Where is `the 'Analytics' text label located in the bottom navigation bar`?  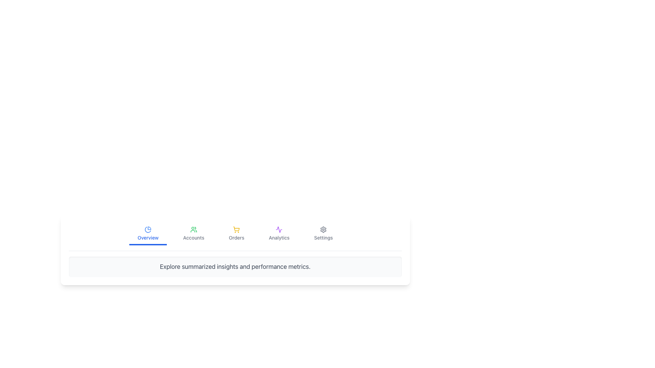
the 'Analytics' text label located in the bottom navigation bar is located at coordinates (279, 237).